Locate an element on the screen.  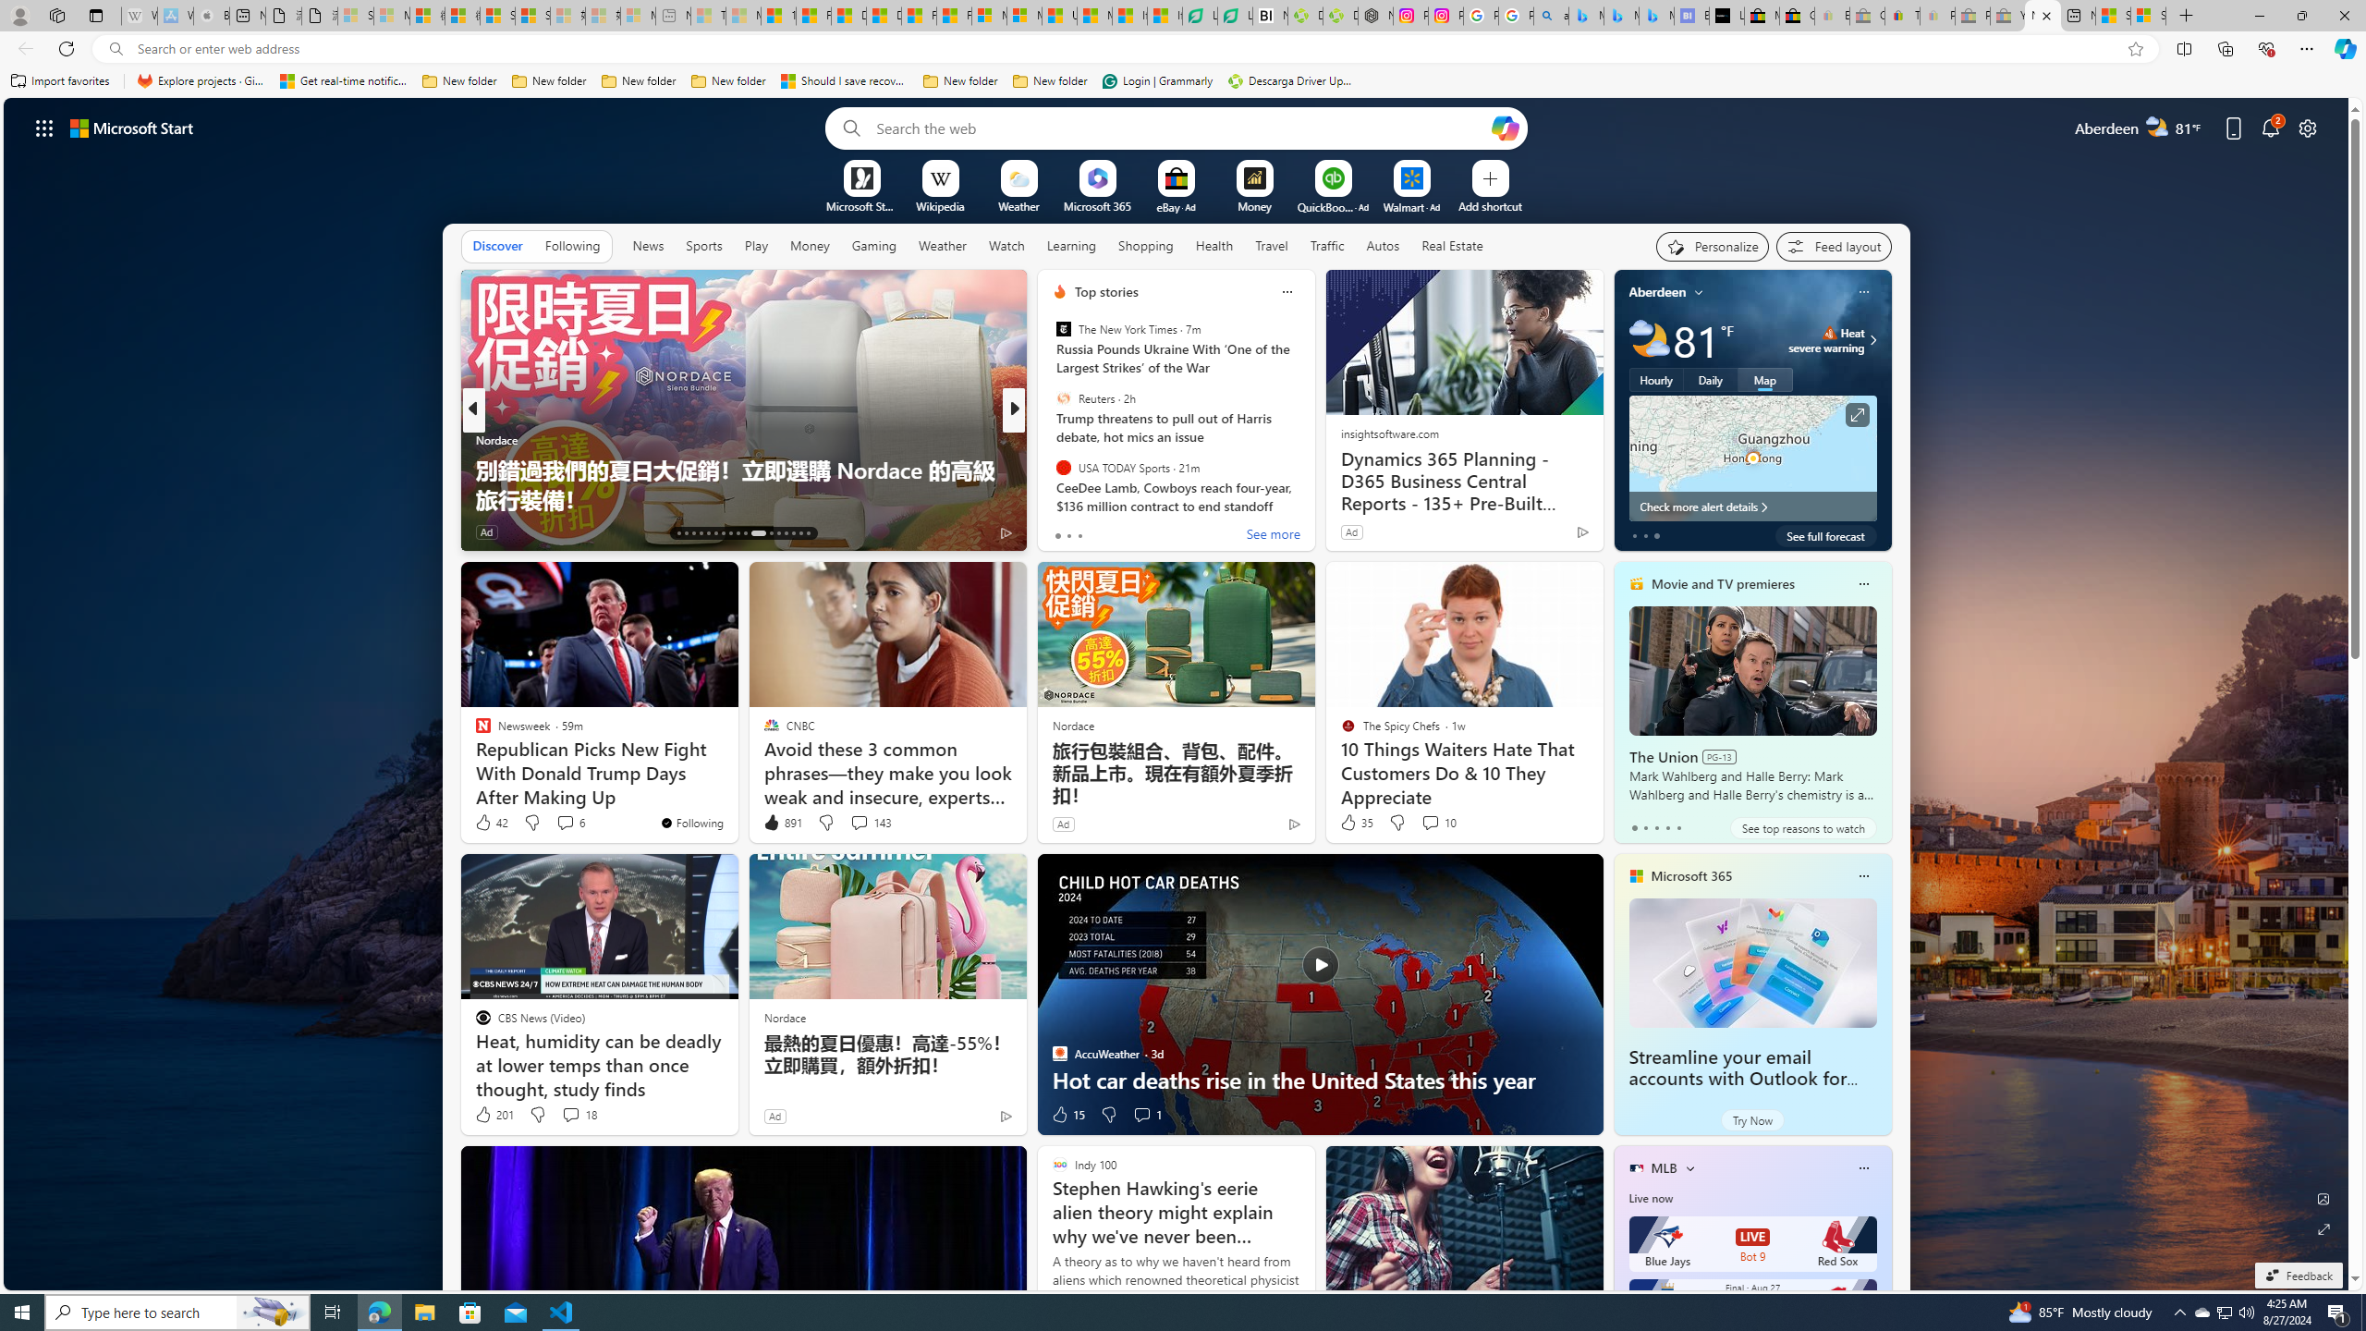
'Marine life - MSN - Sleeping' is located at coordinates (743, 15).